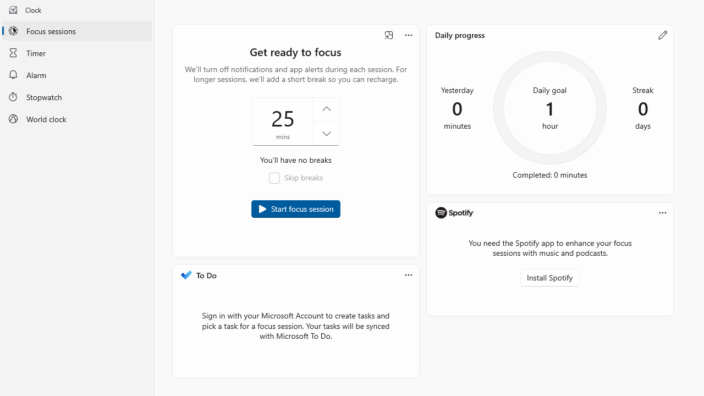  Describe the element at coordinates (326, 133) in the screenshot. I see `'Decrease the focus session time'` at that location.